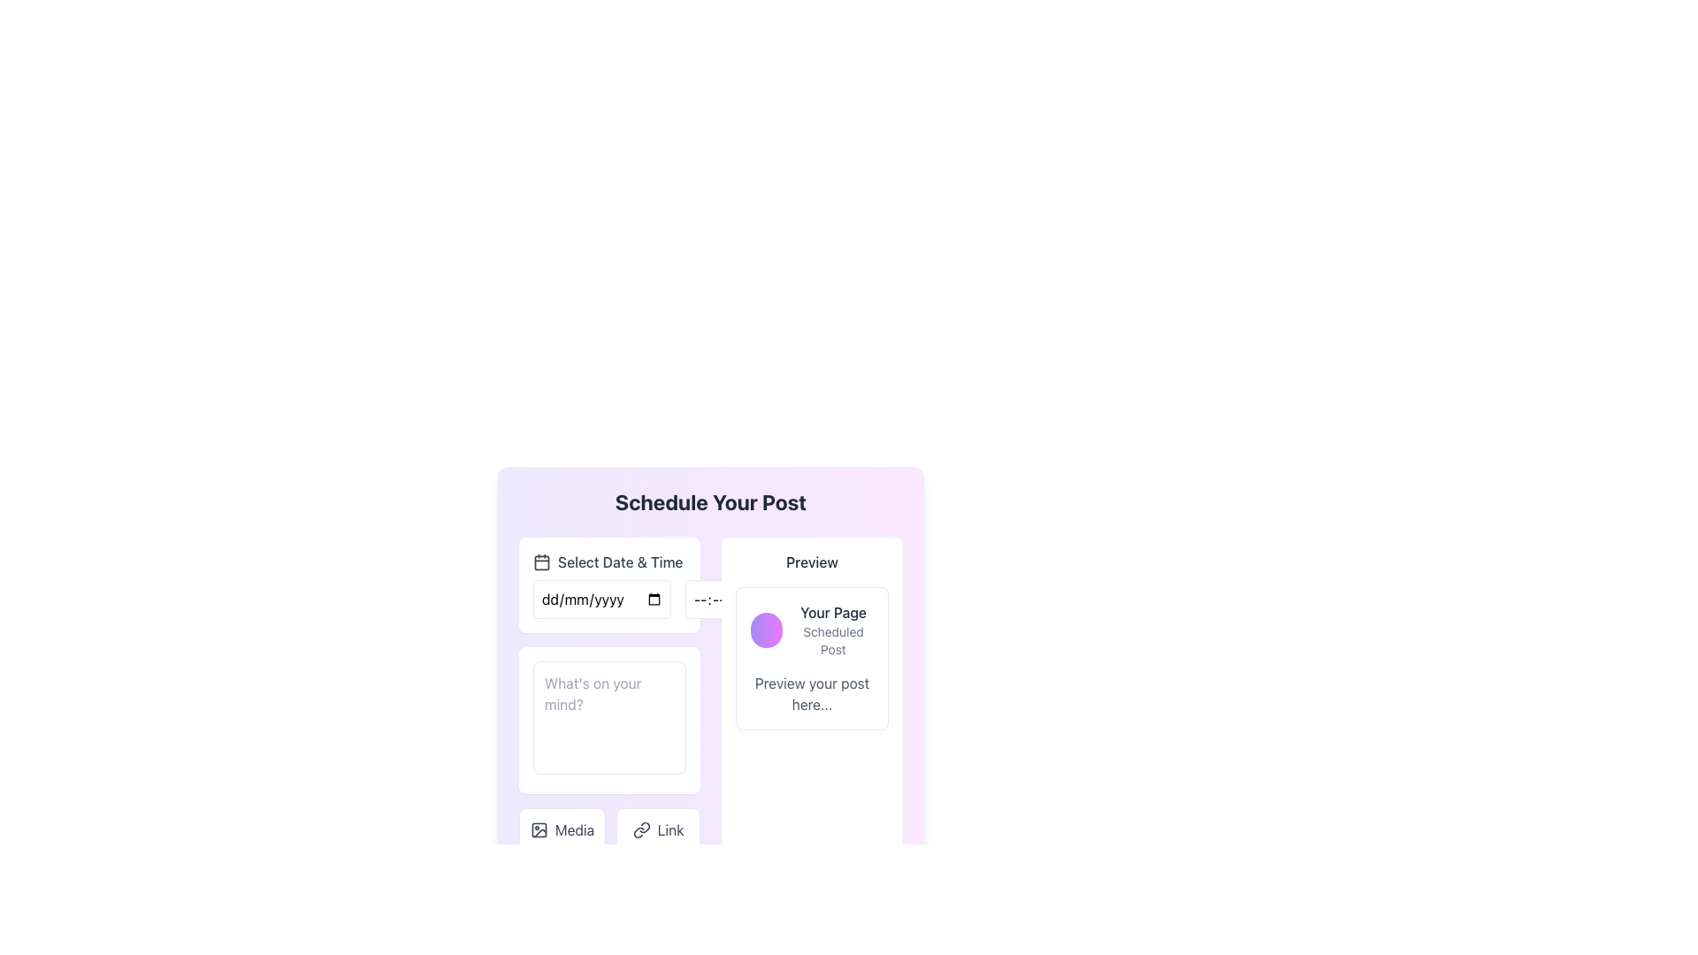 This screenshot has width=1698, height=955. I want to click on the calendar icon located on the right side of the date input field within the Combined component, so click(609, 599).